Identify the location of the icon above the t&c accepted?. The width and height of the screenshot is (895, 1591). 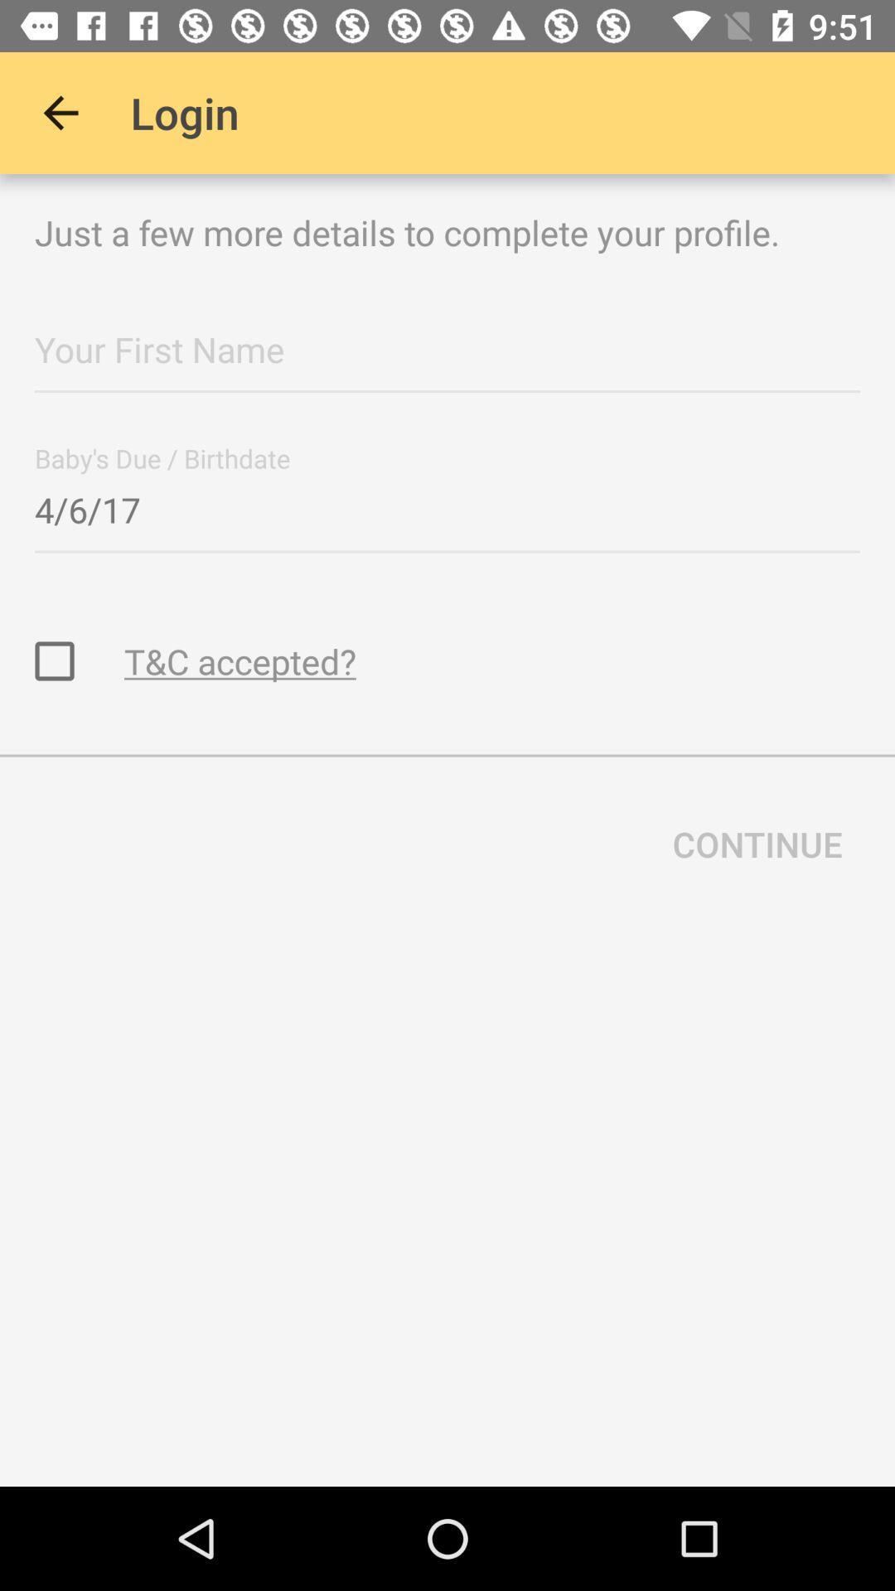
(447, 504).